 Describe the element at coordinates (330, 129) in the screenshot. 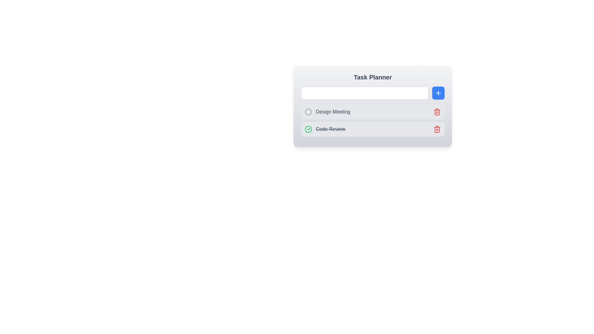

I see `the Text Label indicating a completed task in the task tracker interface, which features a strikethrough styling` at that location.